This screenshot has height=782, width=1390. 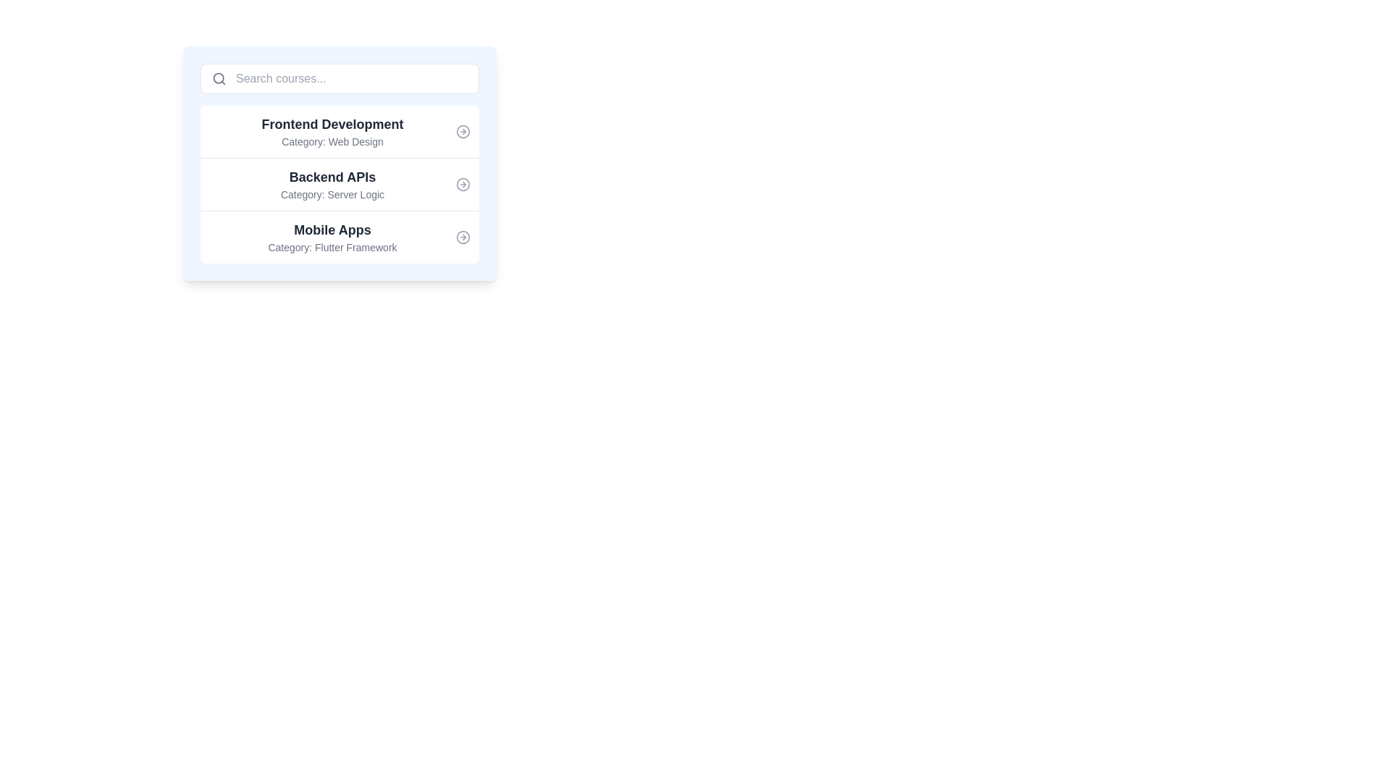 What do you see at coordinates (462, 131) in the screenshot?
I see `the circular SVG shape located in the top row of the list interface, adjacent to the 'Frontend Development' text` at bounding box center [462, 131].